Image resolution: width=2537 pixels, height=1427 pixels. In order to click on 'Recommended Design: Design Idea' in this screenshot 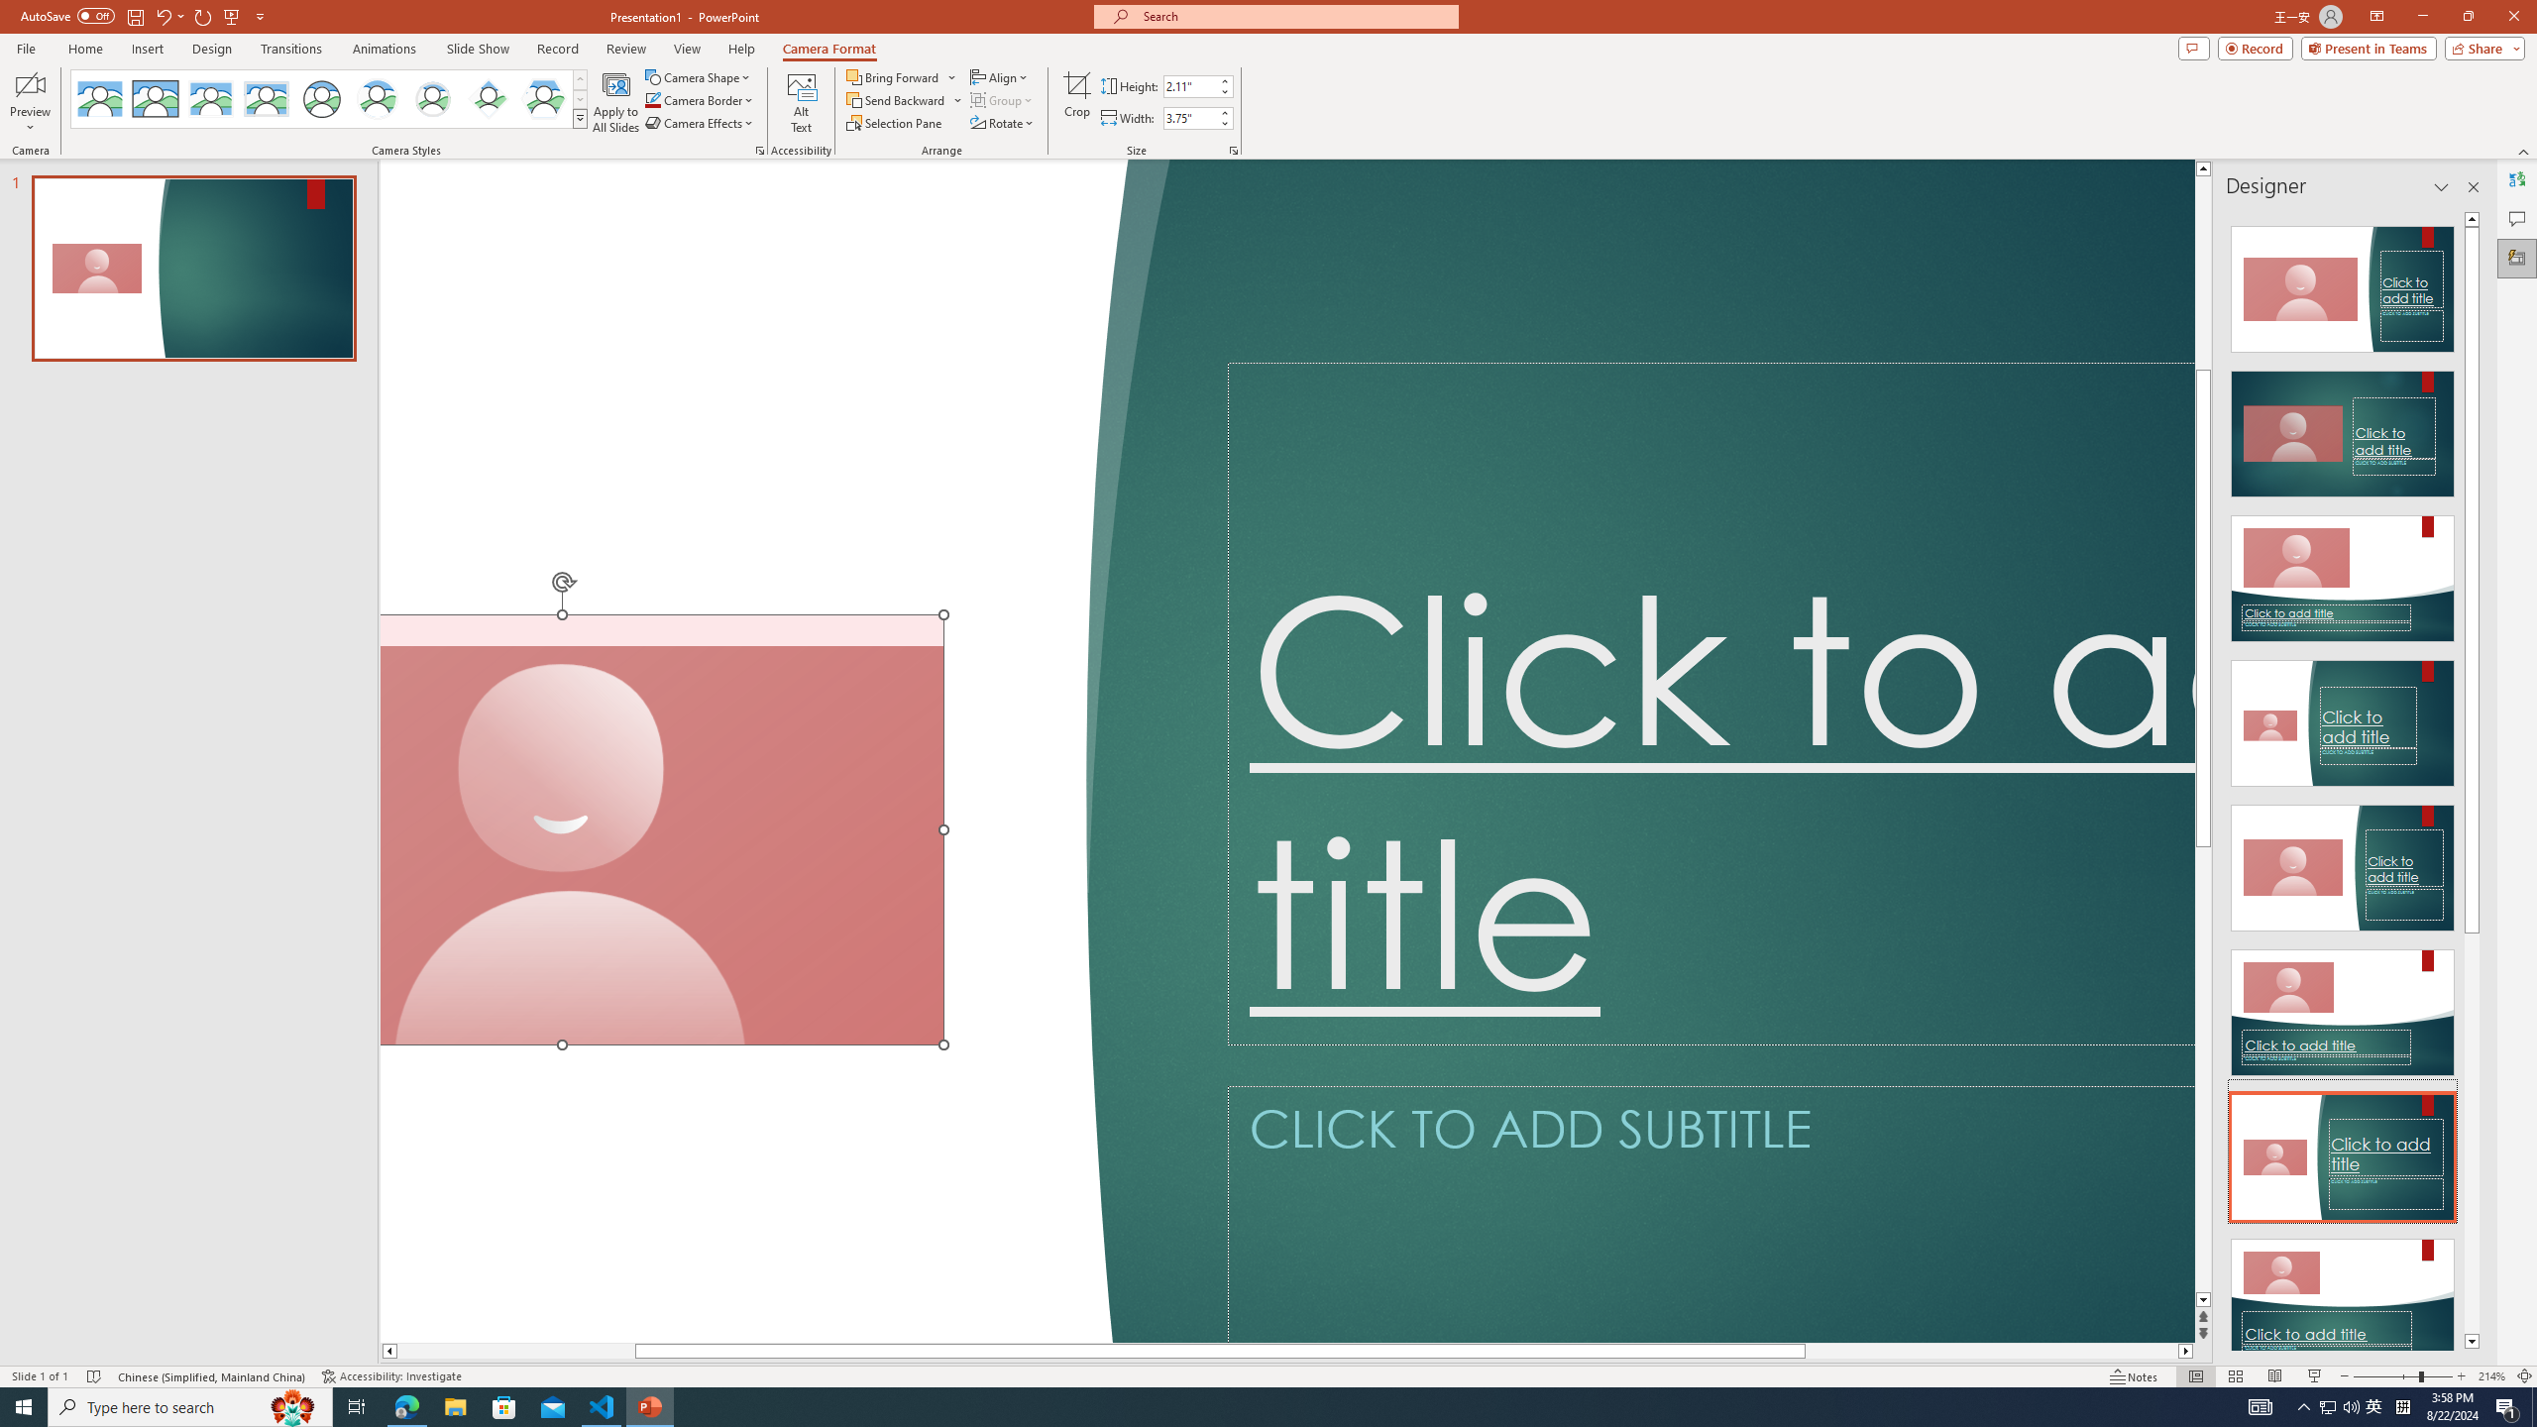, I will do `click(2343, 281)`.